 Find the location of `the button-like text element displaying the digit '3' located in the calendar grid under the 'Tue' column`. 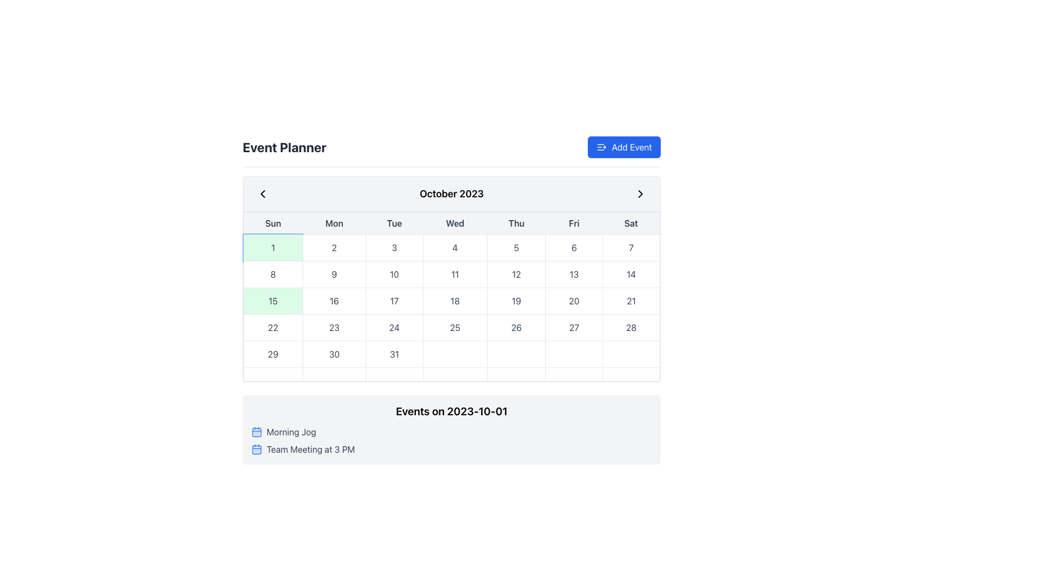

the button-like text element displaying the digit '3' located in the calendar grid under the 'Tue' column is located at coordinates (394, 247).